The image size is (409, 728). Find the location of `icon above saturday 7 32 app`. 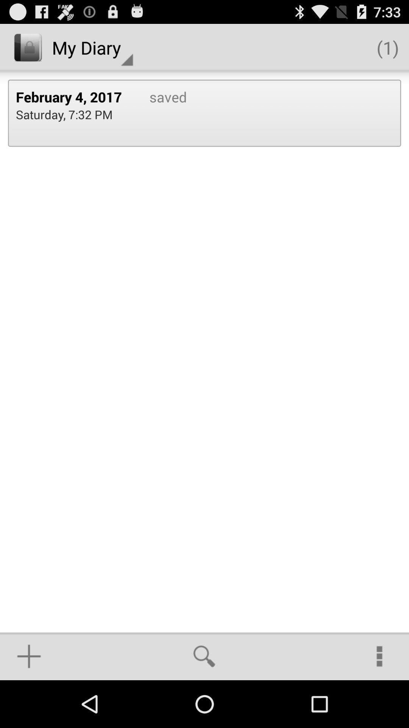

icon above saturday 7 32 app is located at coordinates (75, 96).